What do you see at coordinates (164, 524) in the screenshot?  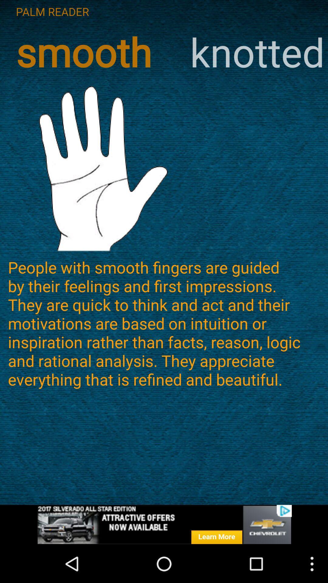 I see `showing the advertisement` at bounding box center [164, 524].